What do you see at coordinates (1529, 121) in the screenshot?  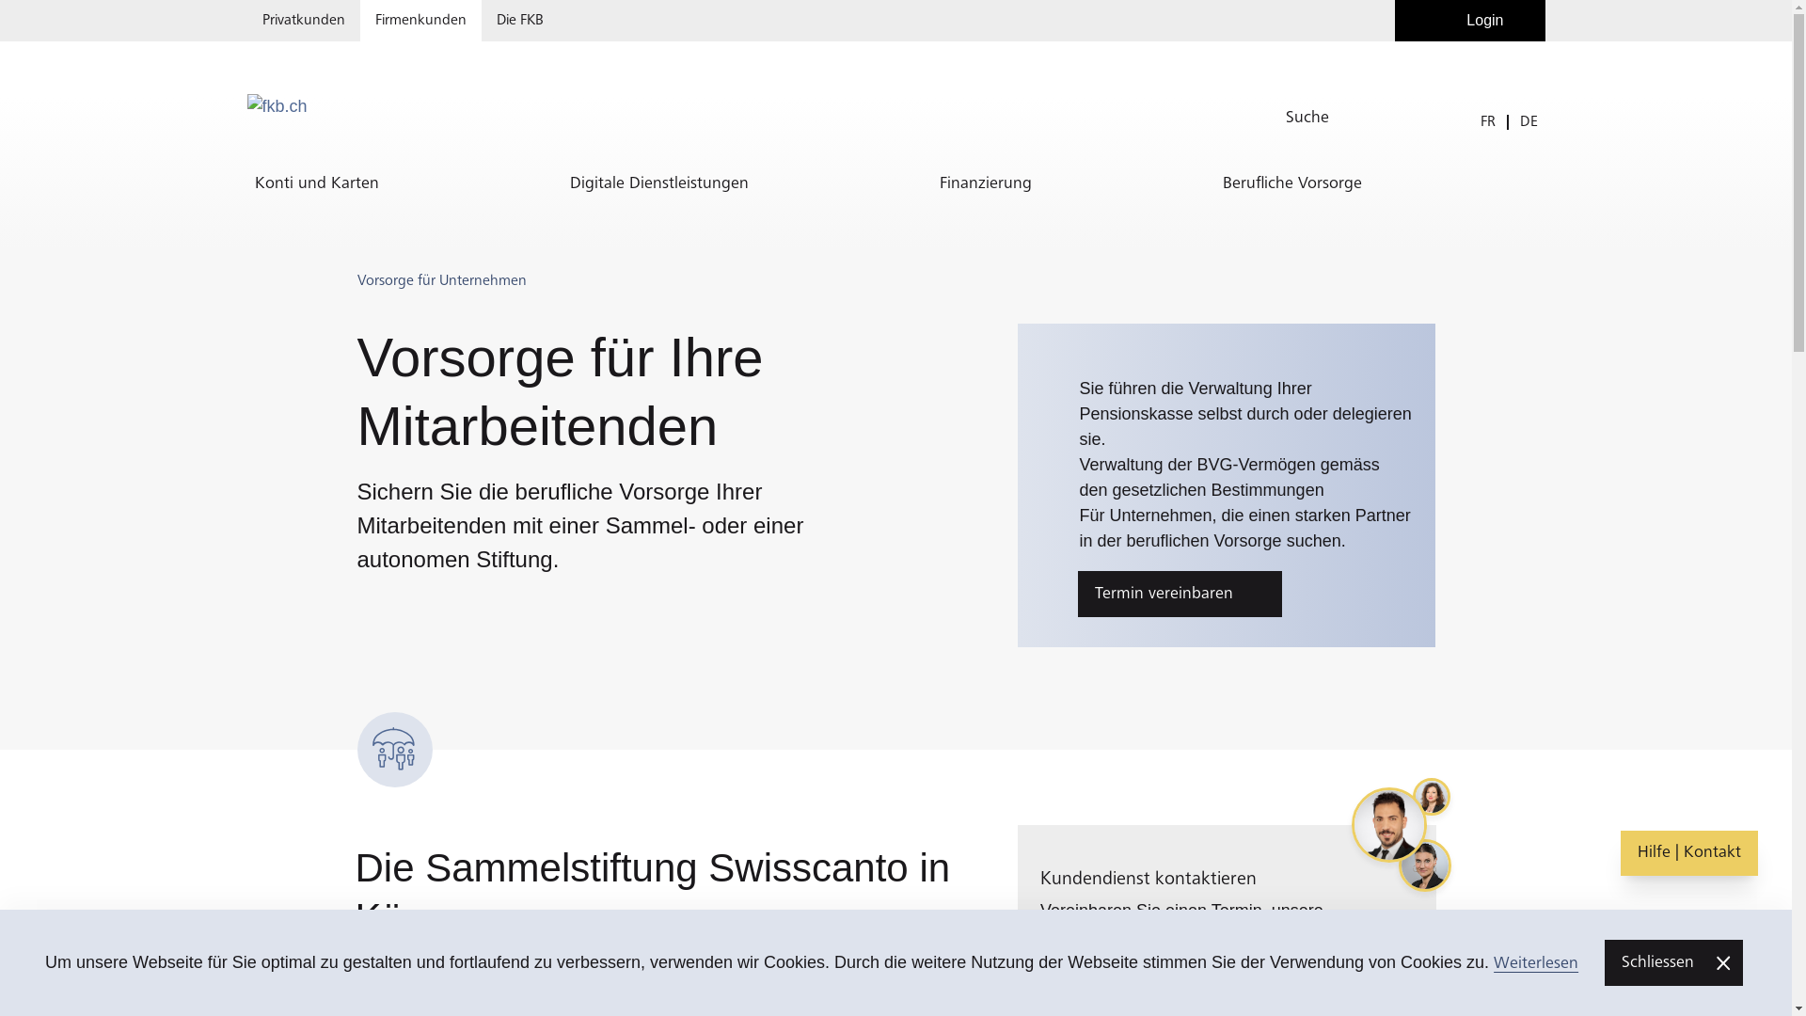 I see `'DE'` at bounding box center [1529, 121].